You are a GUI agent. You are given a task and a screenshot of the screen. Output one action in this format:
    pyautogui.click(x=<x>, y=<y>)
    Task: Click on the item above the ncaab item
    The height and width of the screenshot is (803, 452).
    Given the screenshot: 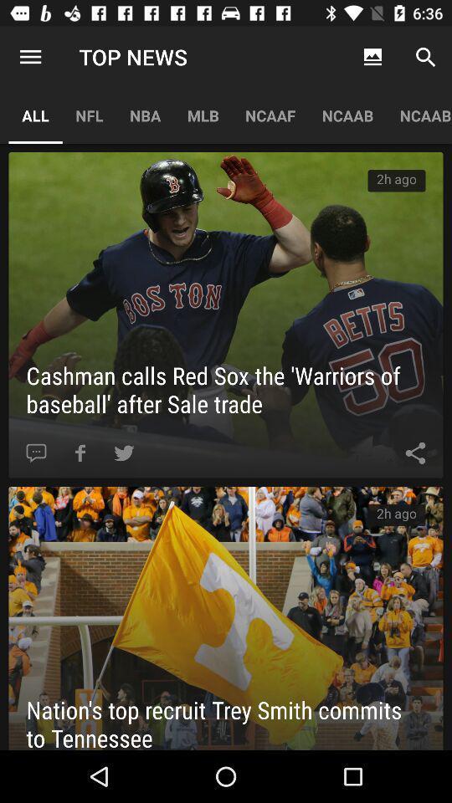 What is the action you would take?
    pyautogui.click(x=372, y=57)
    